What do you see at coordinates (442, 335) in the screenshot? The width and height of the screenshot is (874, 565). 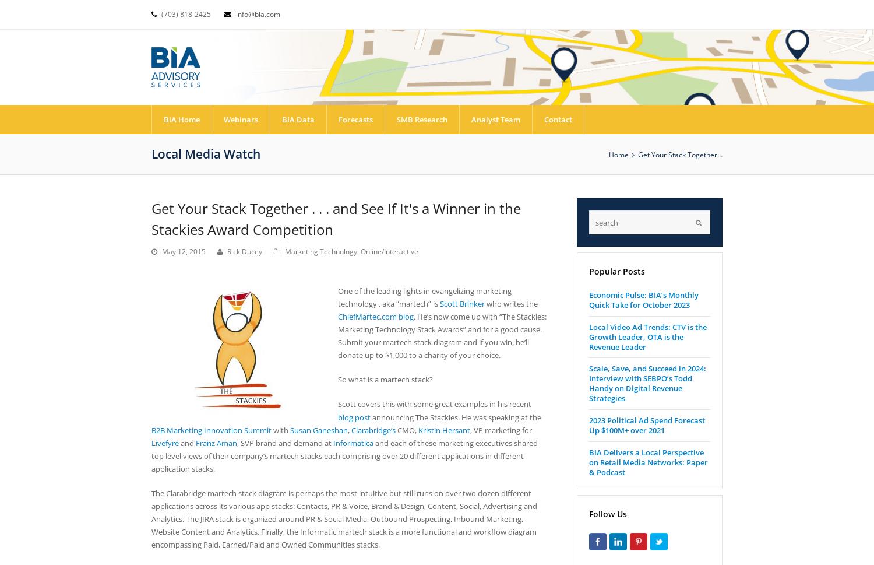 I see `'. He’s now come up with “The Stackies: Marketing Technology Stack Awards” and for a good cause. Submit your martech stack diagram and if you win, he’ll donate up to $1,000 to a charity of your choice.'` at bounding box center [442, 335].